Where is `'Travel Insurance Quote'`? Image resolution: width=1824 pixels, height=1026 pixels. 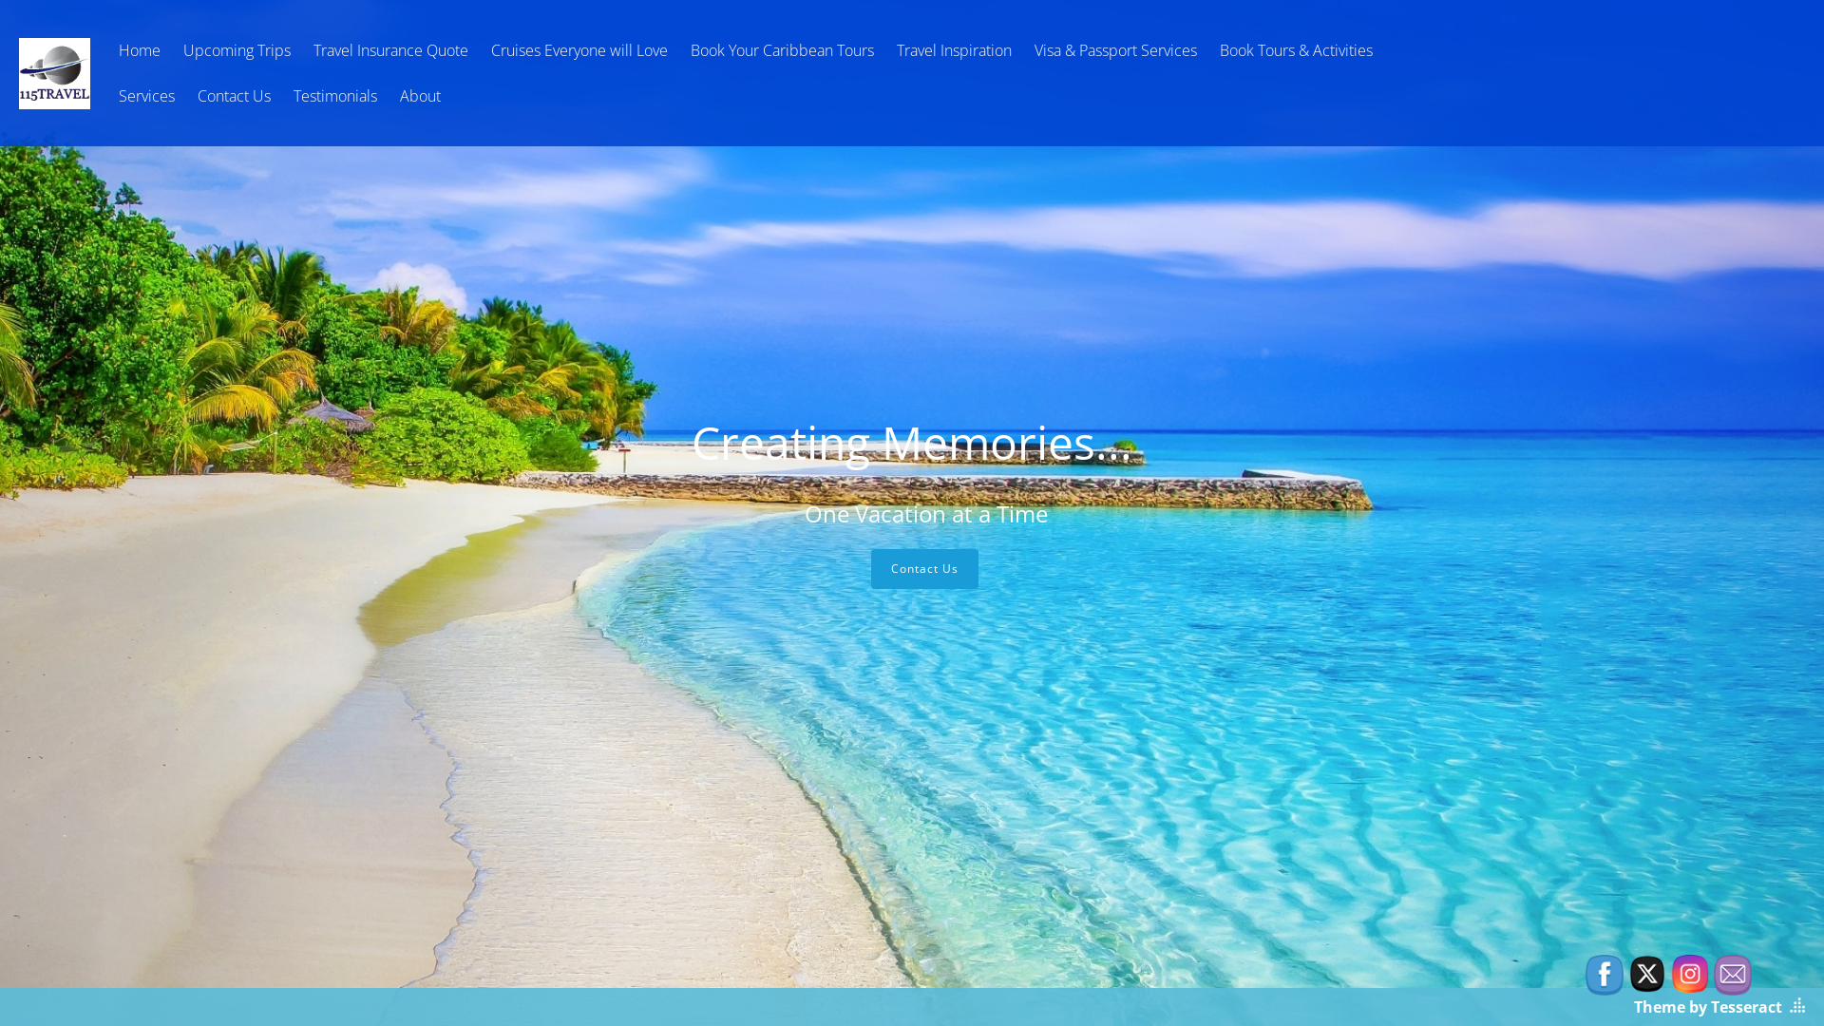
'Travel Insurance Quote' is located at coordinates (389, 49).